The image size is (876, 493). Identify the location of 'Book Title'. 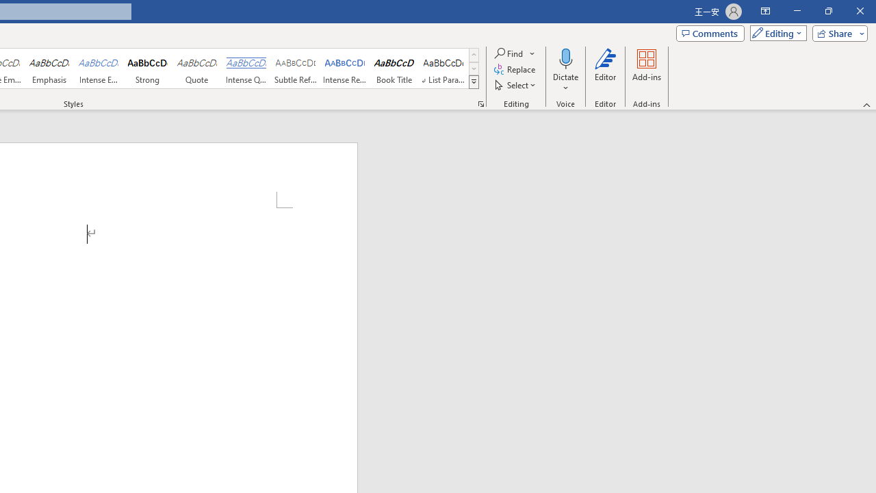
(394, 68).